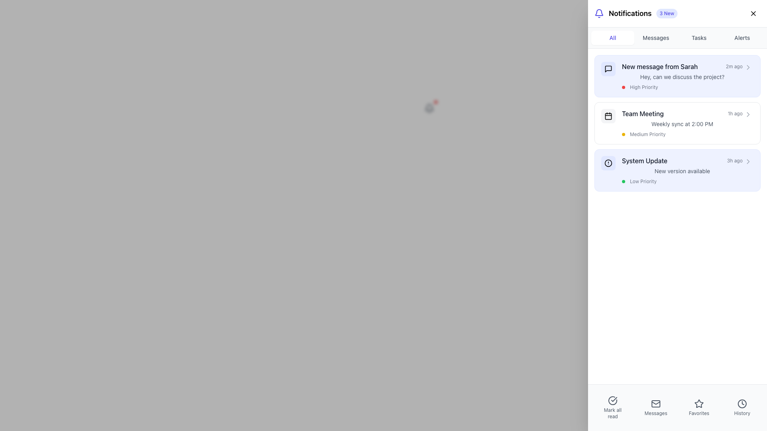  What do you see at coordinates (682, 124) in the screenshot?
I see `the informational text label displaying '2:00 PM' and 'Weekly sync' within the 'Team Meeting' notification card` at bounding box center [682, 124].